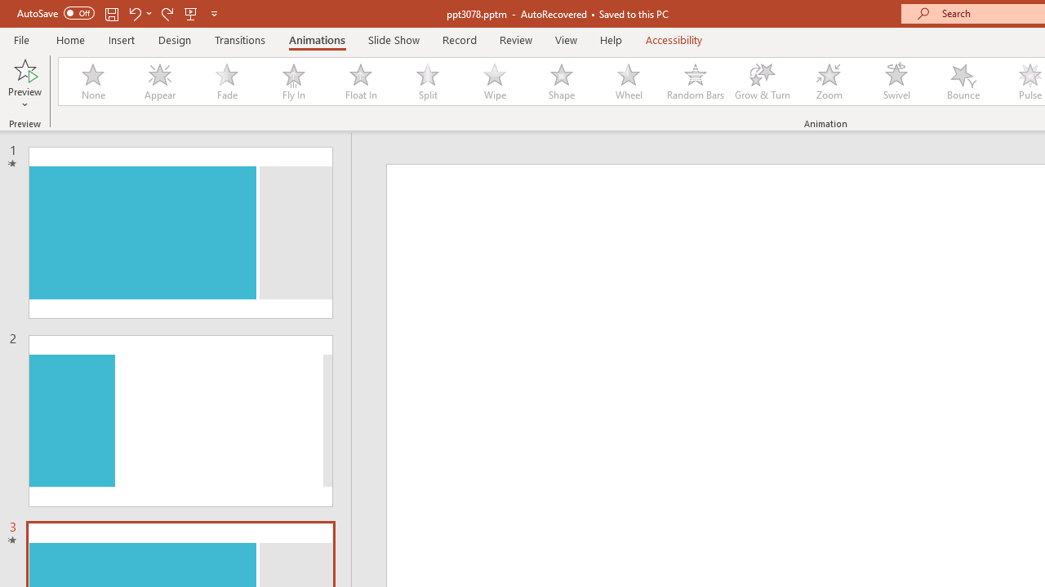 The width and height of the screenshot is (1045, 587). Describe the element at coordinates (91, 82) in the screenshot. I see `'None'` at that location.